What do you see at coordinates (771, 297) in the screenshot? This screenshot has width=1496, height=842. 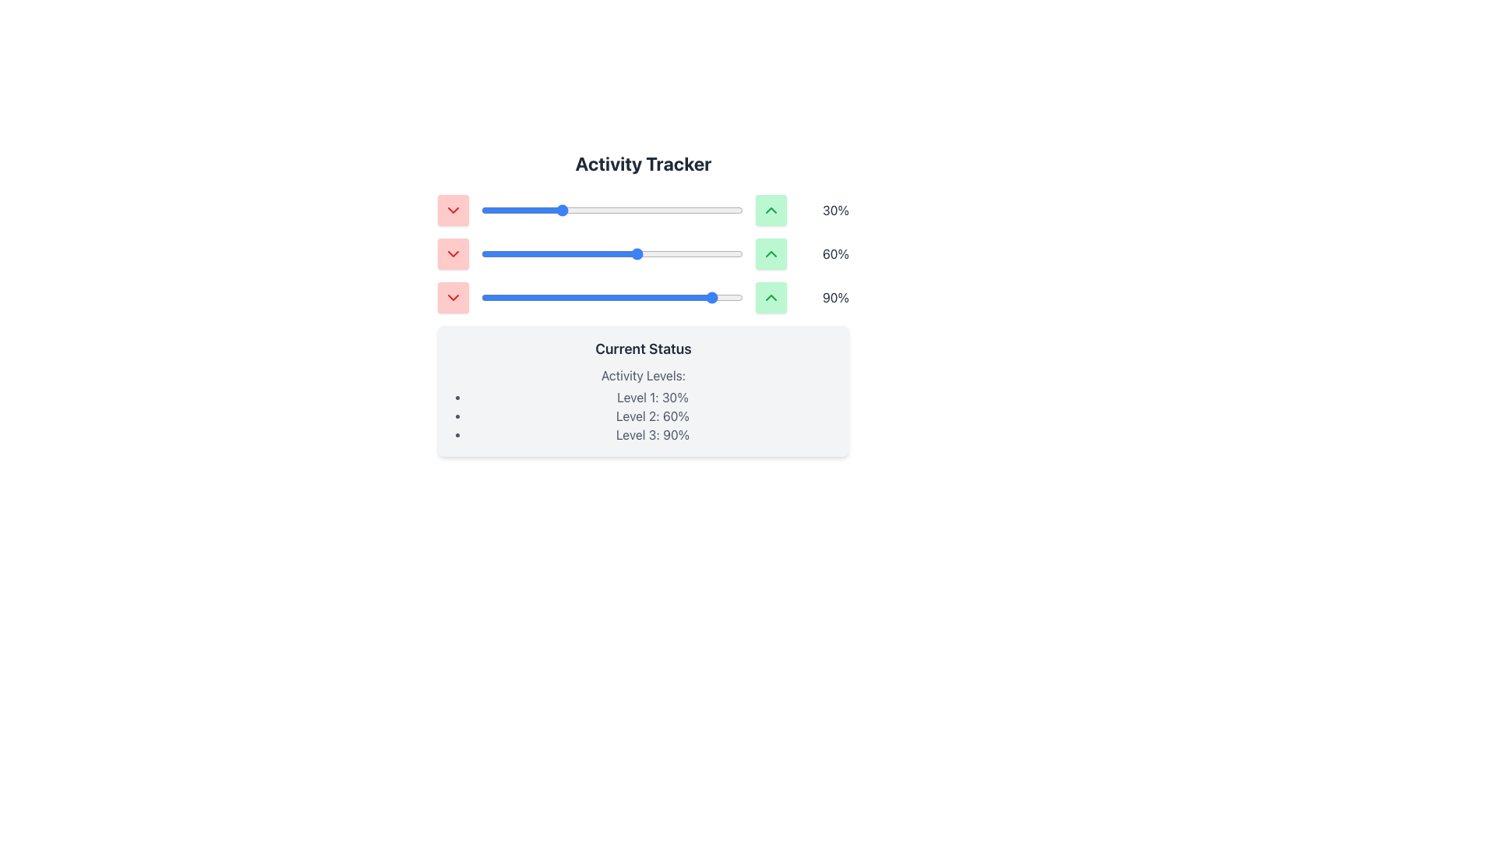 I see `the green upward-pointing chevron button, which is the third in a vertical stack and located to the right of the '90%' label, to increase the value` at bounding box center [771, 297].